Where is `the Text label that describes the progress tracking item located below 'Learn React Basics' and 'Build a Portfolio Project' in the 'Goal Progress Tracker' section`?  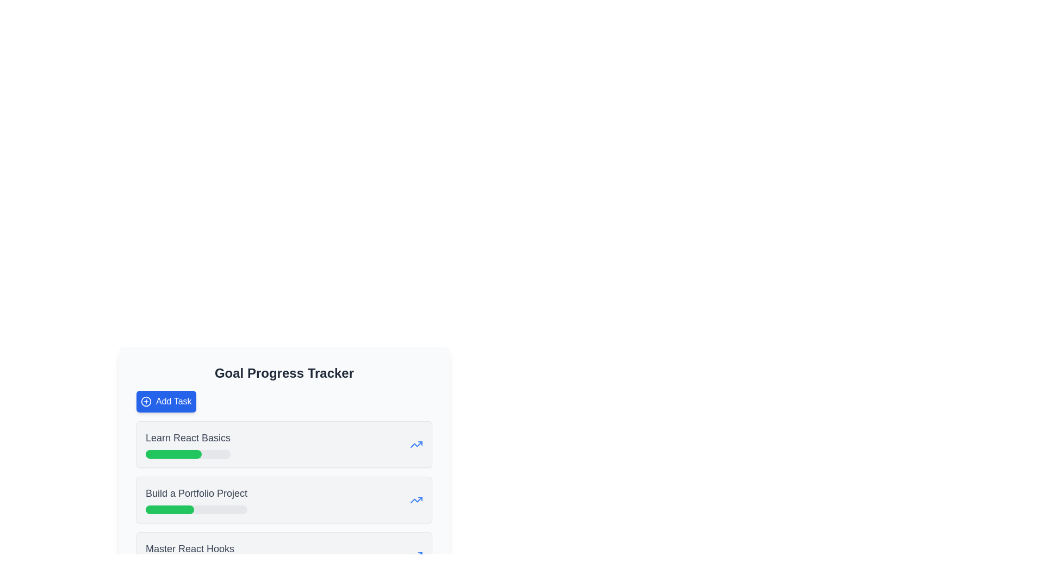
the Text label that describes the progress tracking item located below 'Learn React Basics' and 'Build a Portfolio Project' in the 'Goal Progress Tracker' section is located at coordinates (190, 555).